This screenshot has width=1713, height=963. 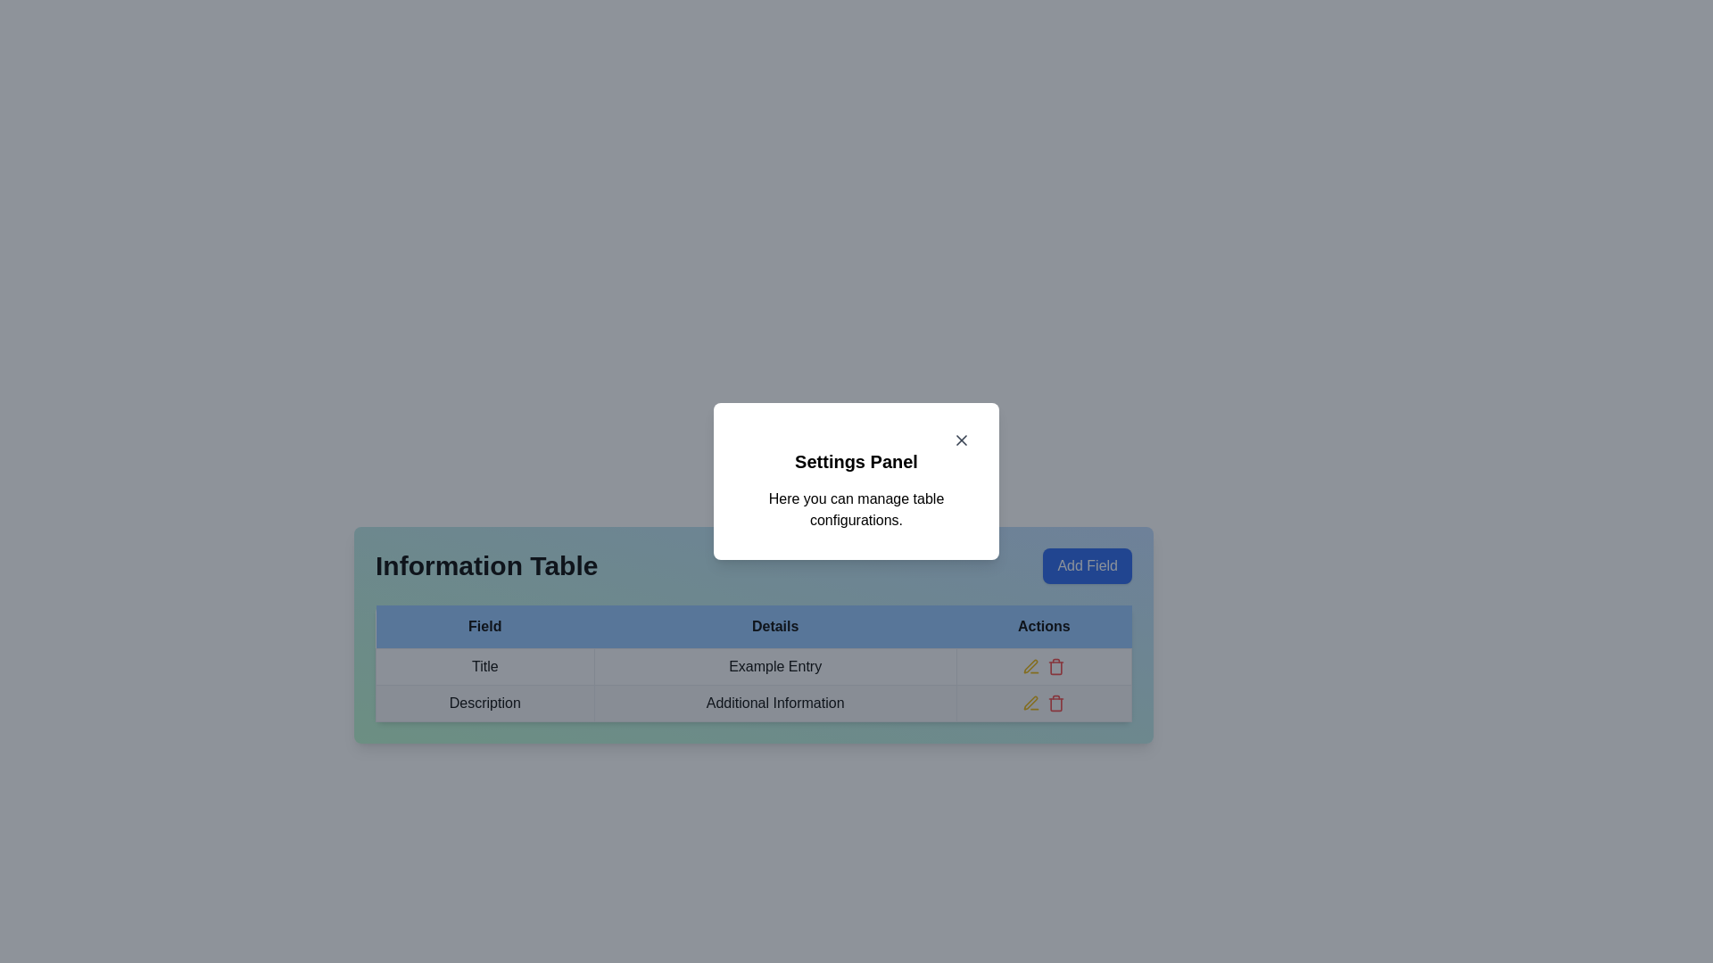 I want to click on the red trash can icon button in the 'Actions' column of the first row, so click(x=1056, y=667).